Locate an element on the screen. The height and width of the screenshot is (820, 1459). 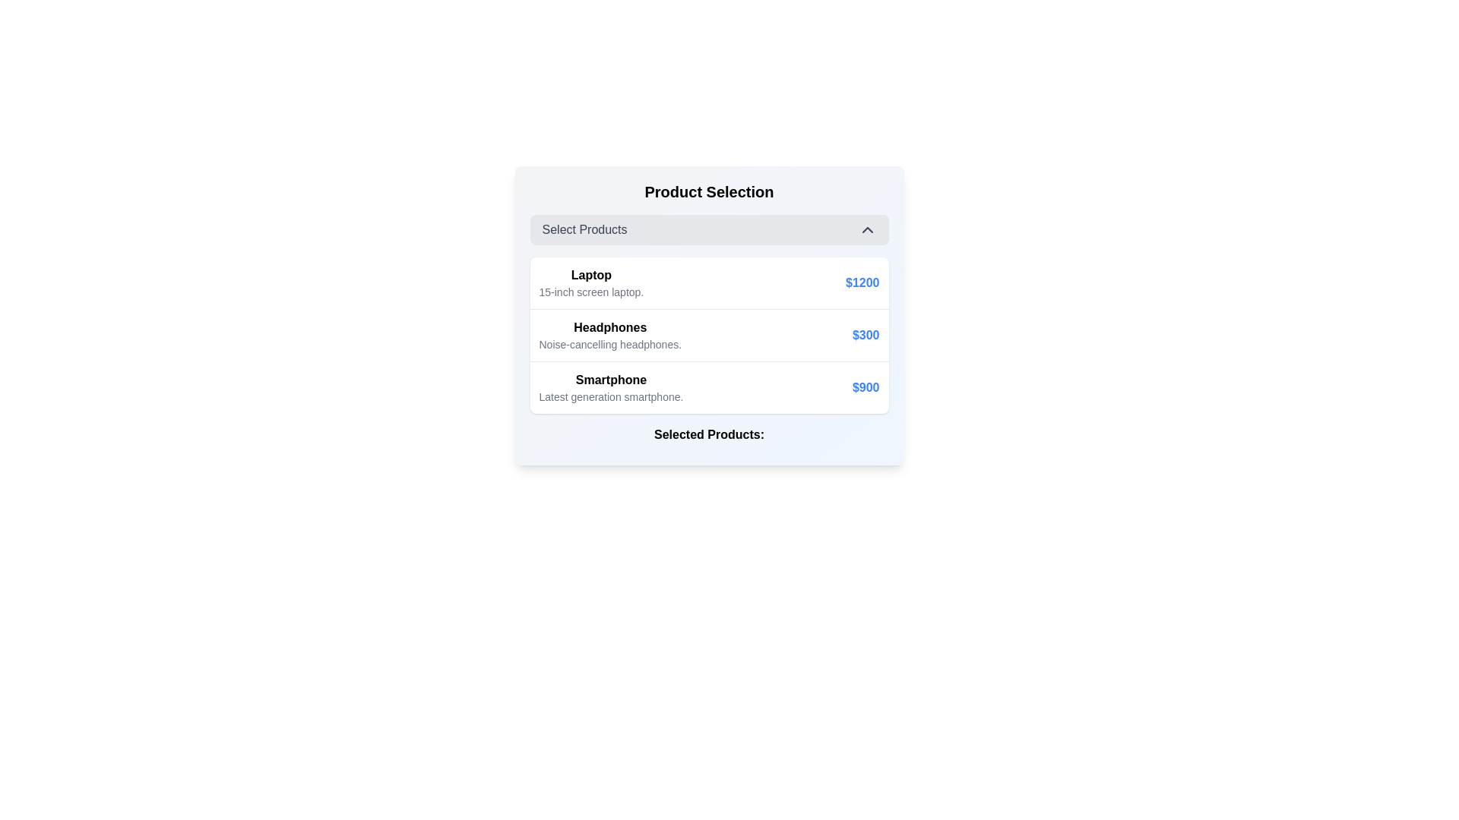
text label displaying the product name in the third product entry of the 'Product Selection' list, located above the descriptive text 'Latest generation smartphone.' is located at coordinates (611, 380).